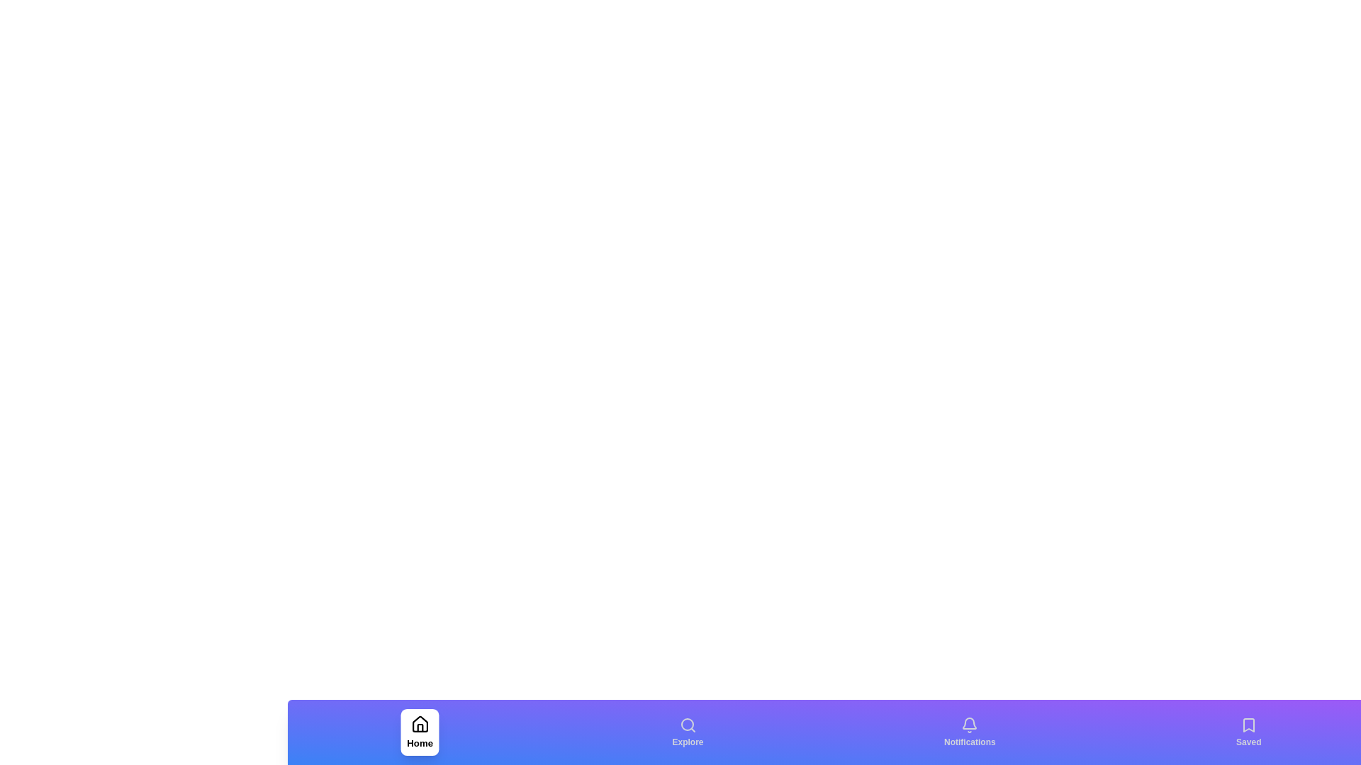 This screenshot has width=1361, height=765. Describe the element at coordinates (1248, 732) in the screenshot. I see `the Saved navigation tab` at that location.